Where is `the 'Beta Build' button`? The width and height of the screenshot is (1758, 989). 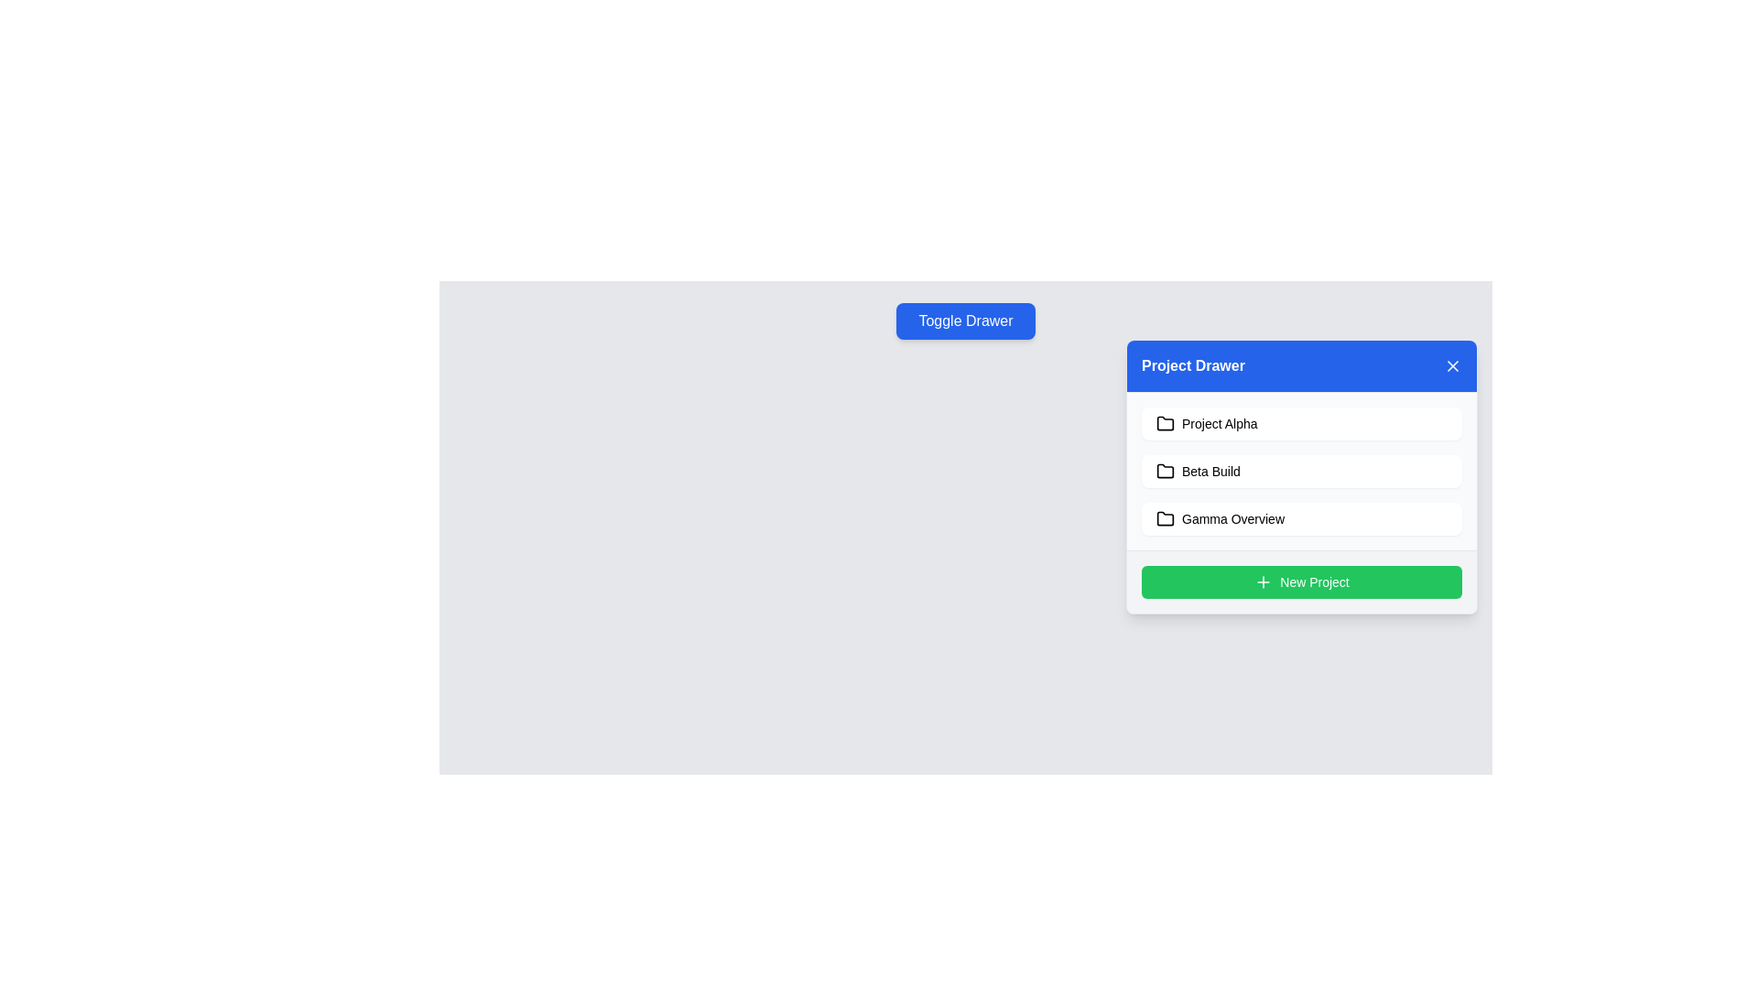 the 'Beta Build' button is located at coordinates (1300, 471).